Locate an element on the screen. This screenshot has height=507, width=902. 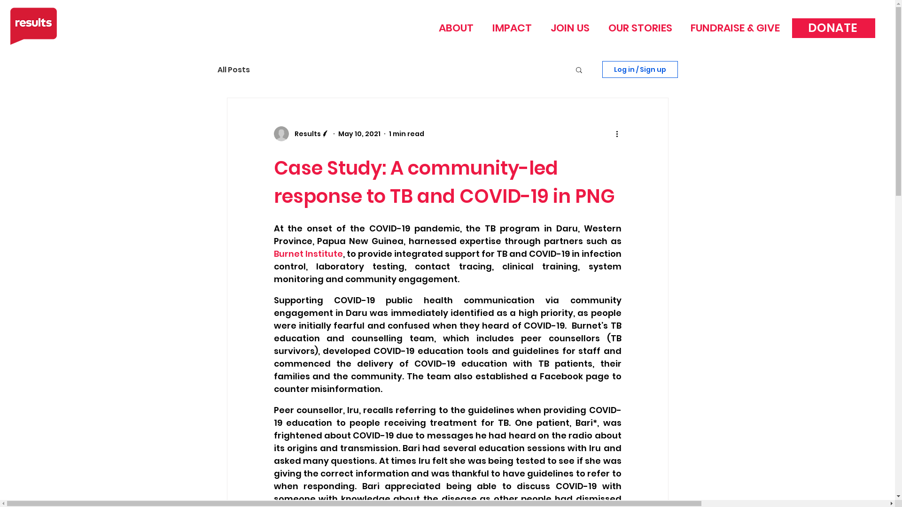
'FUNDRAISE & GIVE' is located at coordinates (734, 28).